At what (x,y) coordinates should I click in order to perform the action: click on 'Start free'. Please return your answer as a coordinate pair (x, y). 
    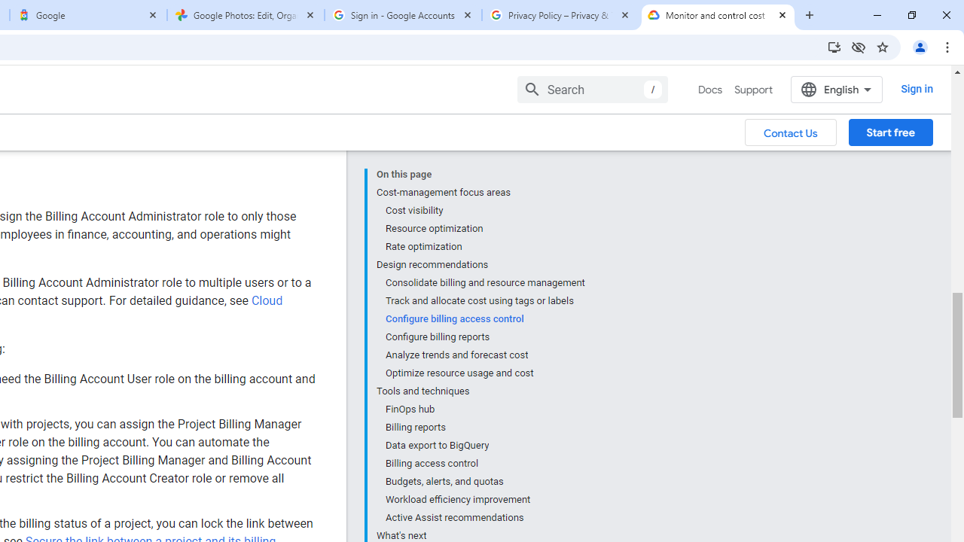
    Looking at the image, I should click on (890, 131).